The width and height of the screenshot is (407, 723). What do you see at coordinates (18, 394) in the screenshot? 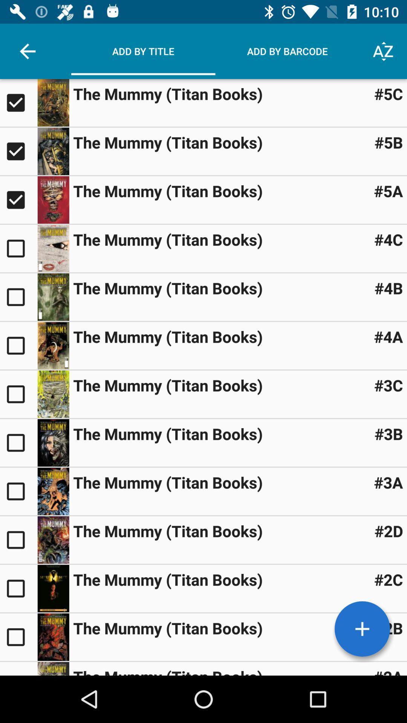
I see `choose the mummy 3c` at bounding box center [18, 394].